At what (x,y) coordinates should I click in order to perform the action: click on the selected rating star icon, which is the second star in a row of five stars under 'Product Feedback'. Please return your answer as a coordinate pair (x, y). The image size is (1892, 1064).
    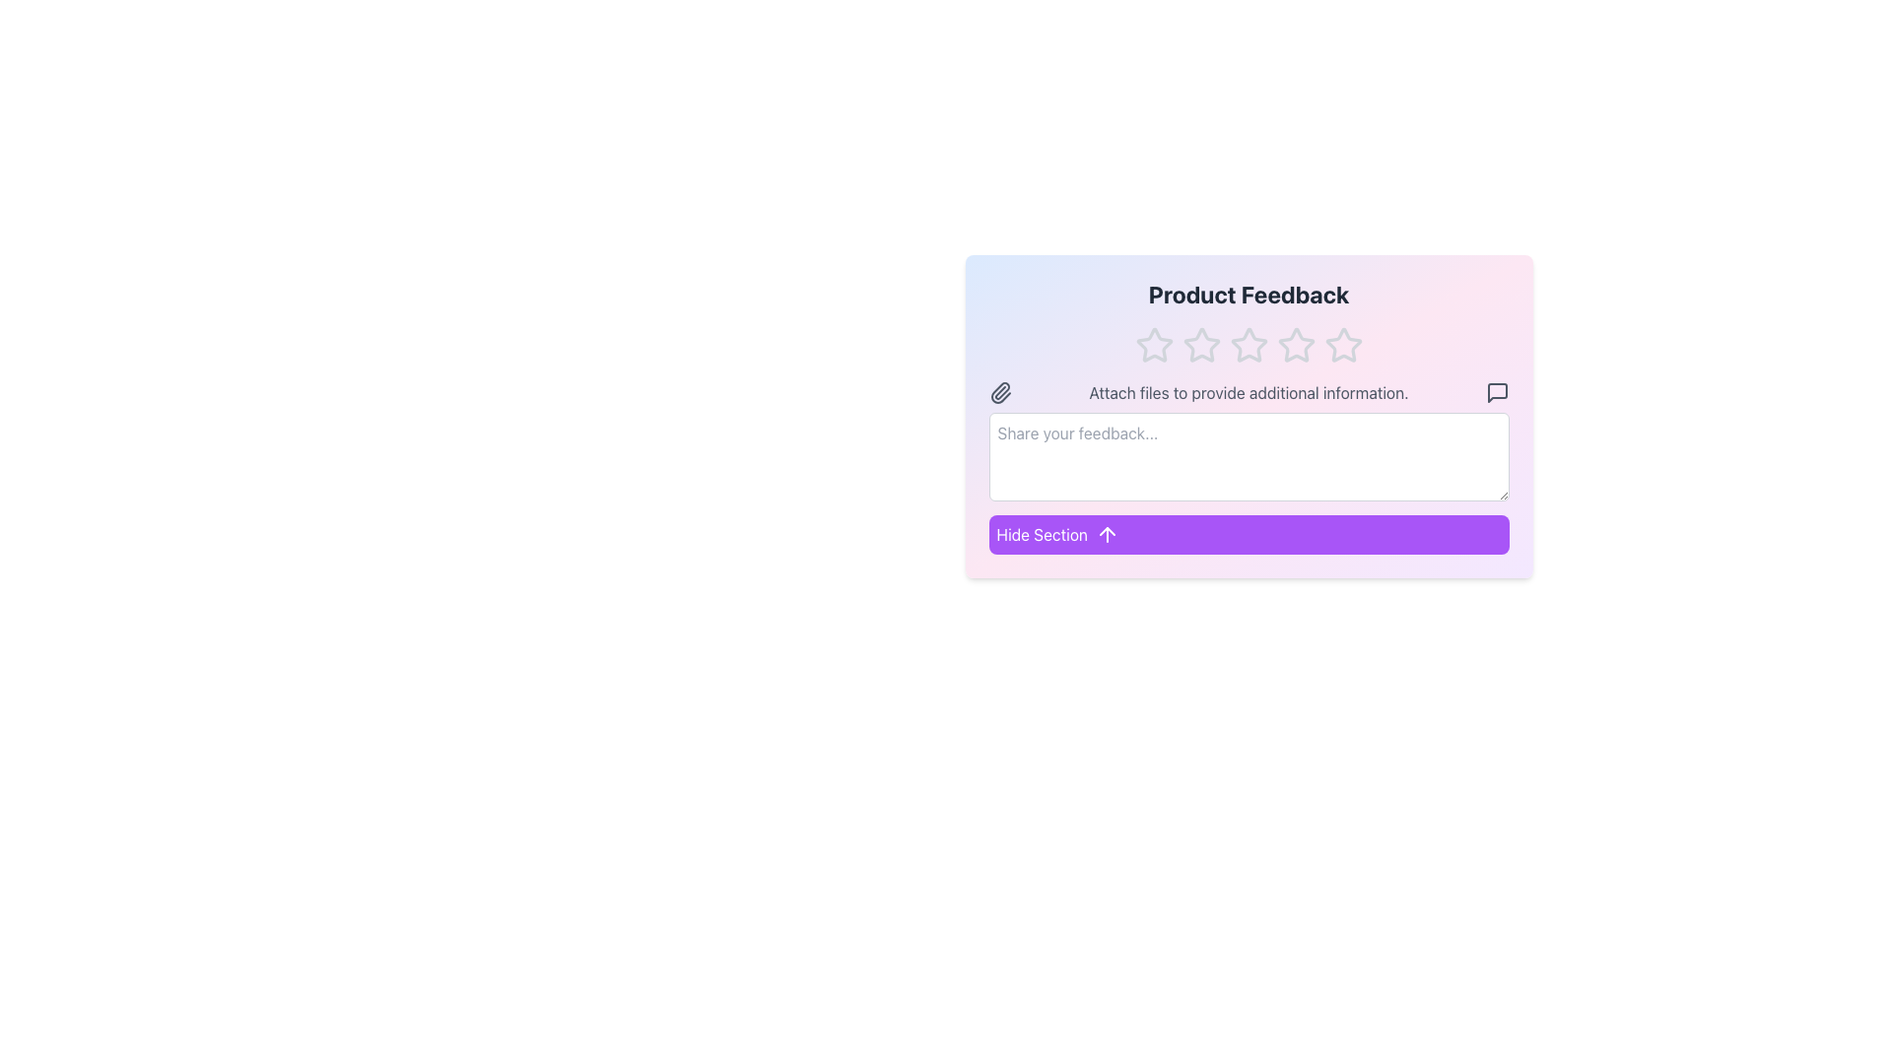
    Looking at the image, I should click on (1200, 344).